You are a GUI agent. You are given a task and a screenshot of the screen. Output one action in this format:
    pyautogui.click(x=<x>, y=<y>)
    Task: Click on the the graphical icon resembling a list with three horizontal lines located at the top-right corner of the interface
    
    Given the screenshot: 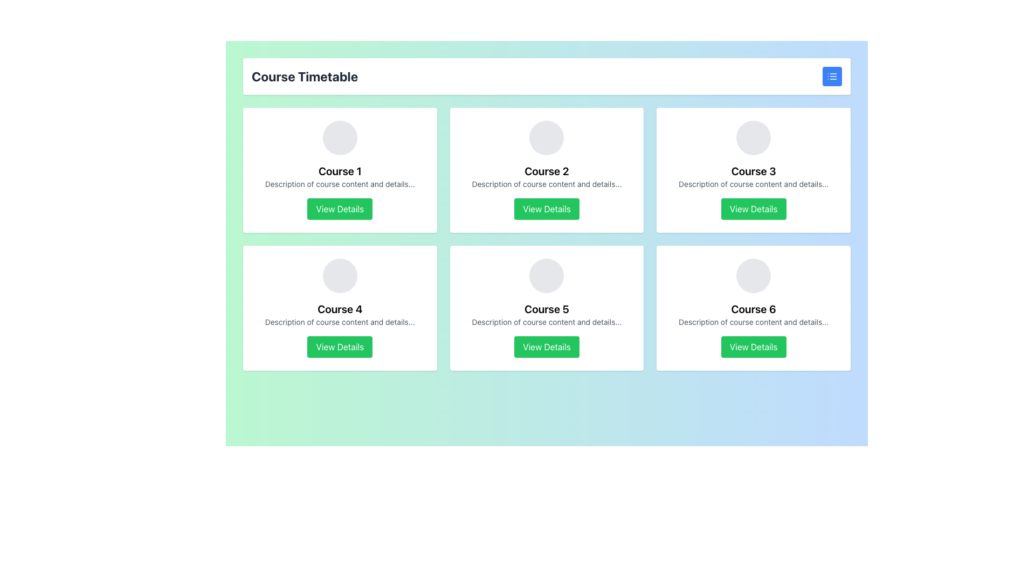 What is the action you would take?
    pyautogui.click(x=832, y=76)
    